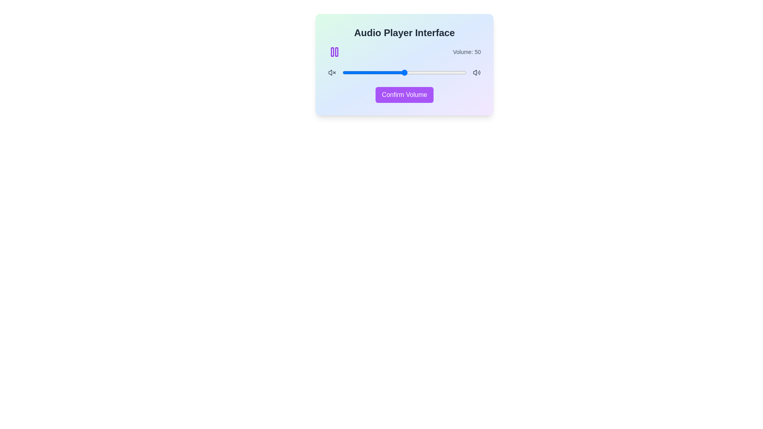 The image size is (763, 429). Describe the element at coordinates (330, 72) in the screenshot. I see `the muted audio state vector graphic icon located in the audio control interface, which is part of the 'Volume X' icon representation` at that location.